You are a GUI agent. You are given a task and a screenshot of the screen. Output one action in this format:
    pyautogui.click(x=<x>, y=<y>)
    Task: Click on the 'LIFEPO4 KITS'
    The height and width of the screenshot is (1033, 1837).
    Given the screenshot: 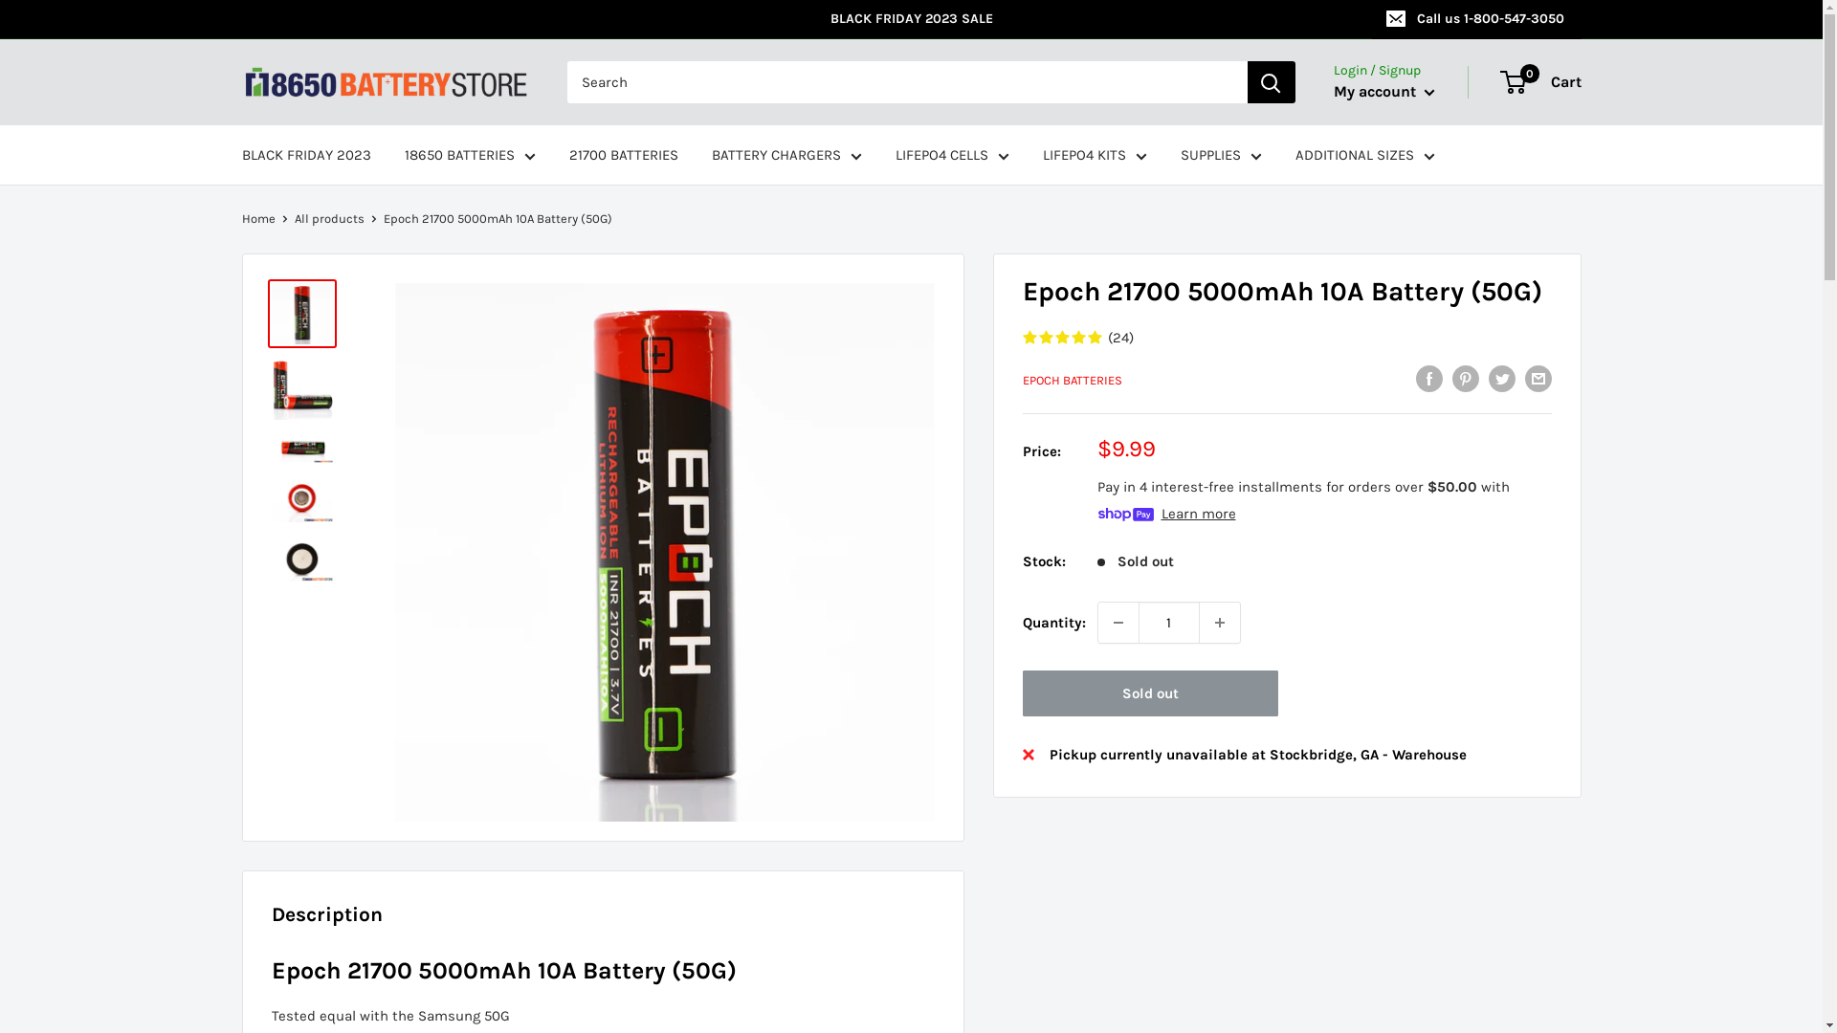 What is the action you would take?
    pyautogui.click(x=1041, y=154)
    